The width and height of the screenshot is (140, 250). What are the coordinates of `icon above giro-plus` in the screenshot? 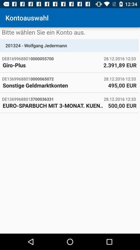 It's located at (53, 59).